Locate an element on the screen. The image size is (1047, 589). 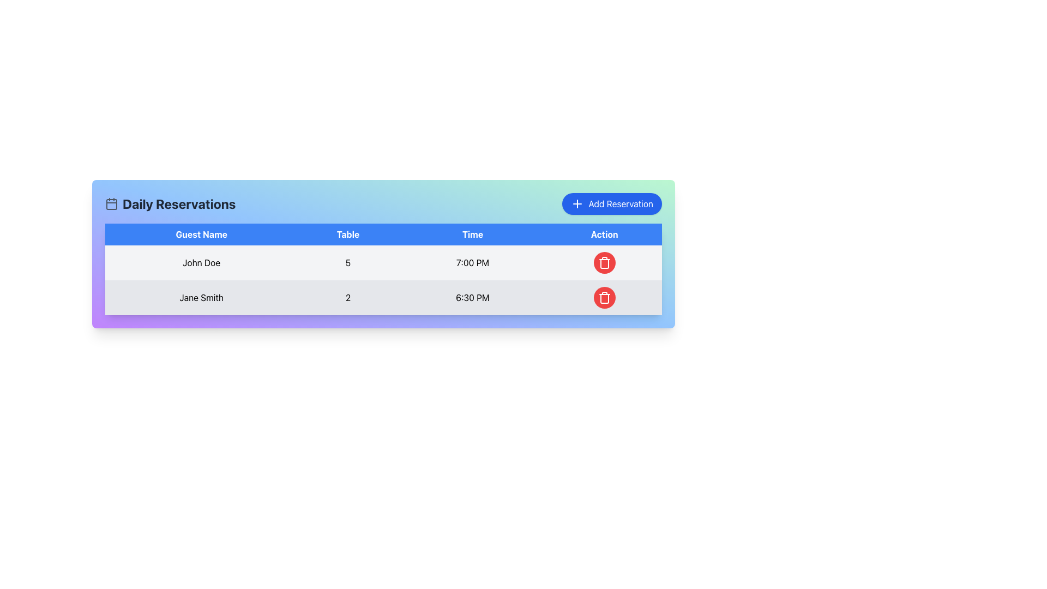
the 'Guest Name' Table Header, which is the first header column in a table with a blue background and white bold text is located at coordinates (201, 233).